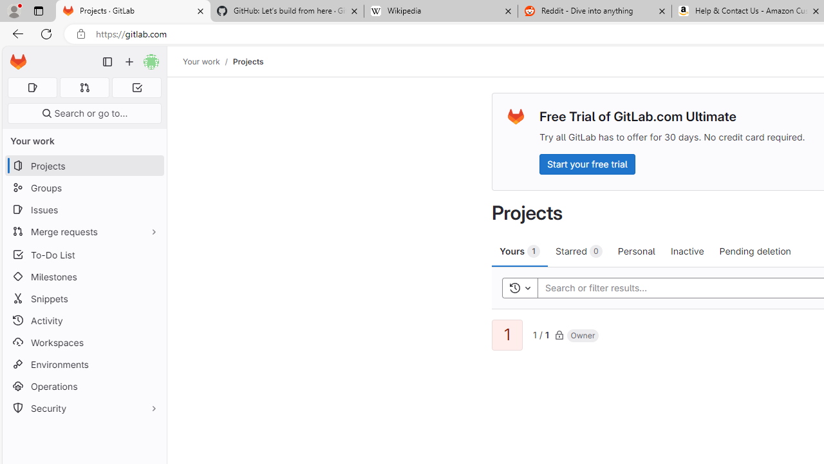 This screenshot has height=464, width=824. What do you see at coordinates (84, 231) in the screenshot?
I see `'Merge requests'` at bounding box center [84, 231].